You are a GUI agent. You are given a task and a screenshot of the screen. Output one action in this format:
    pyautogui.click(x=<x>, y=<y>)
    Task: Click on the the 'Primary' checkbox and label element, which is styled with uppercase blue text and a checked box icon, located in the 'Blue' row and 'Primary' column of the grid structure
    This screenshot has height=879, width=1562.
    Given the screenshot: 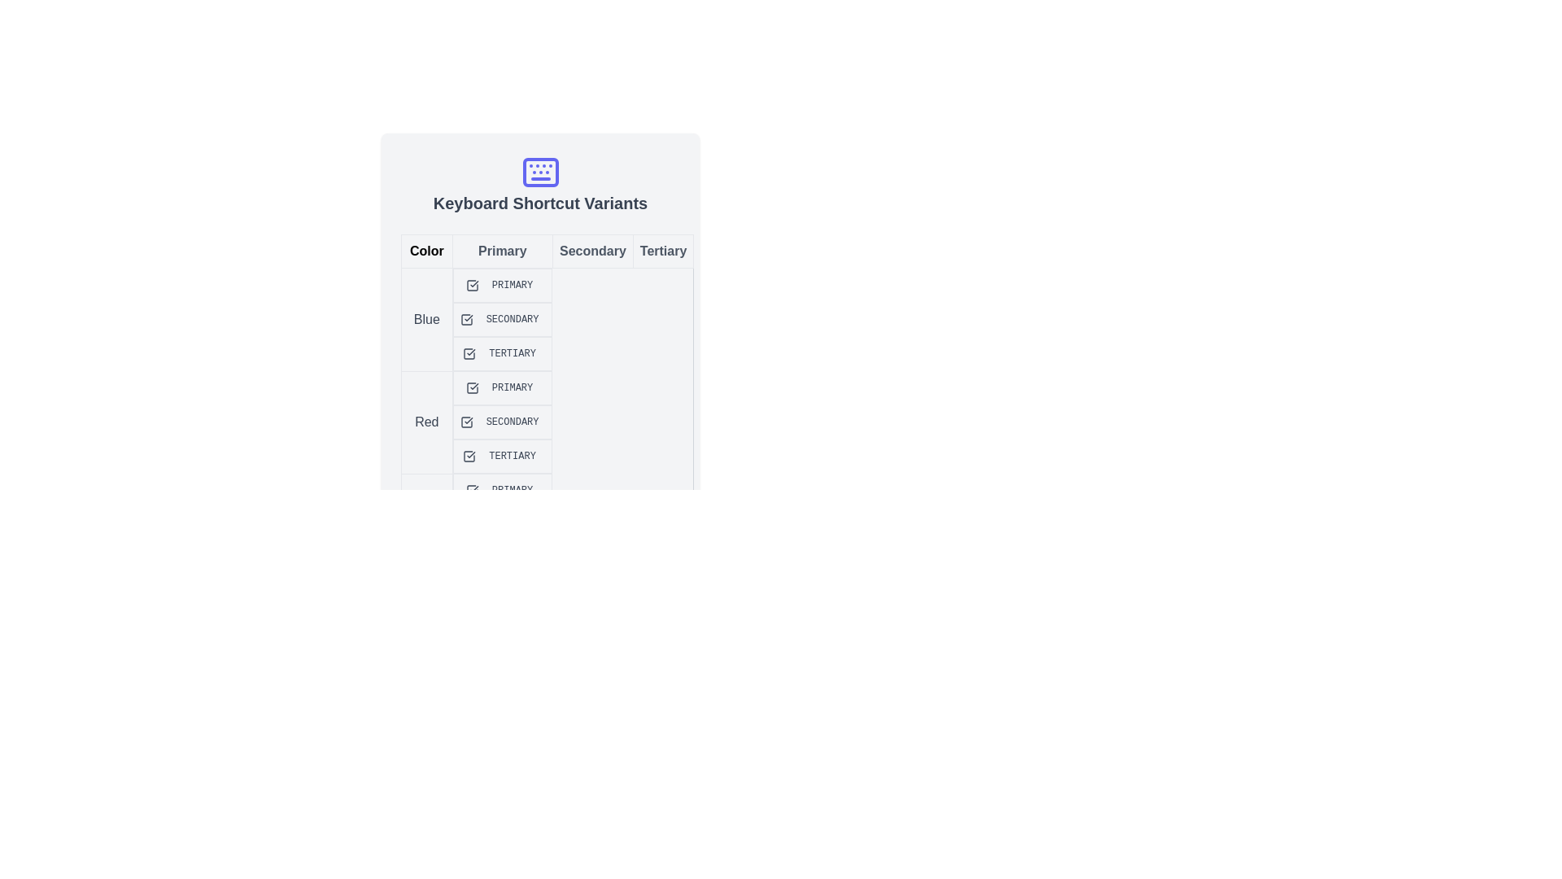 What is the action you would take?
    pyautogui.click(x=502, y=285)
    